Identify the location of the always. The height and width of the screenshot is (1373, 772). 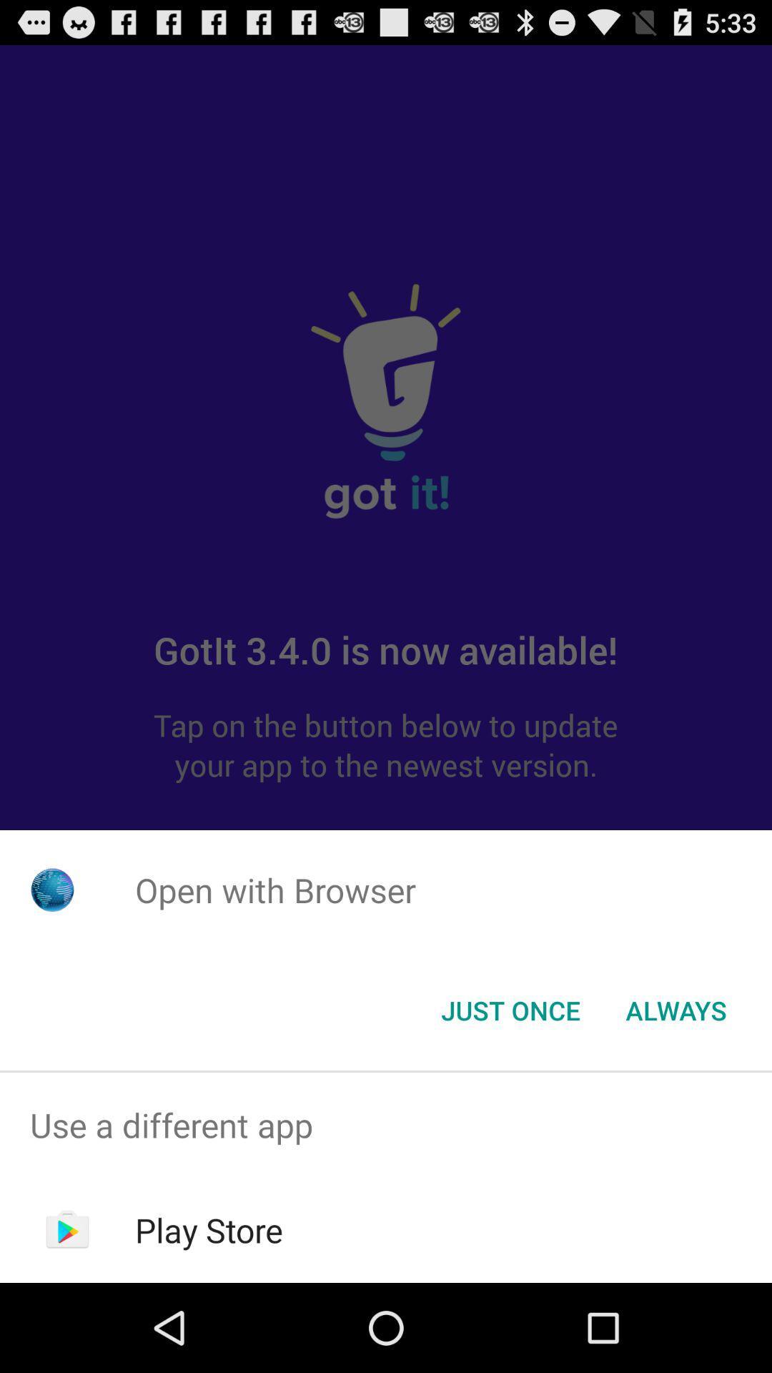
(675, 1009).